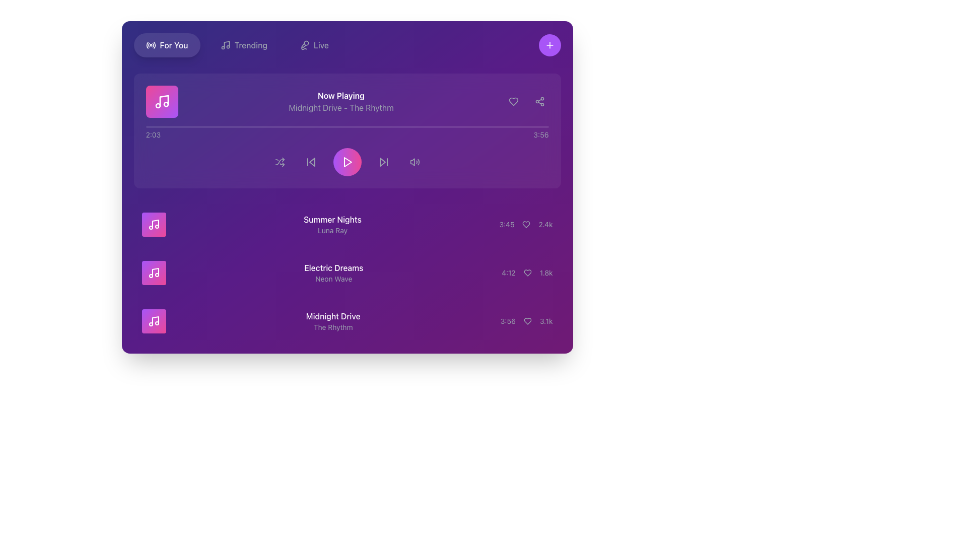 The height and width of the screenshot is (544, 967). What do you see at coordinates (244, 44) in the screenshot?
I see `the 'Trending' button, which features a musical note icon and rounded corners in the navigation section` at bounding box center [244, 44].